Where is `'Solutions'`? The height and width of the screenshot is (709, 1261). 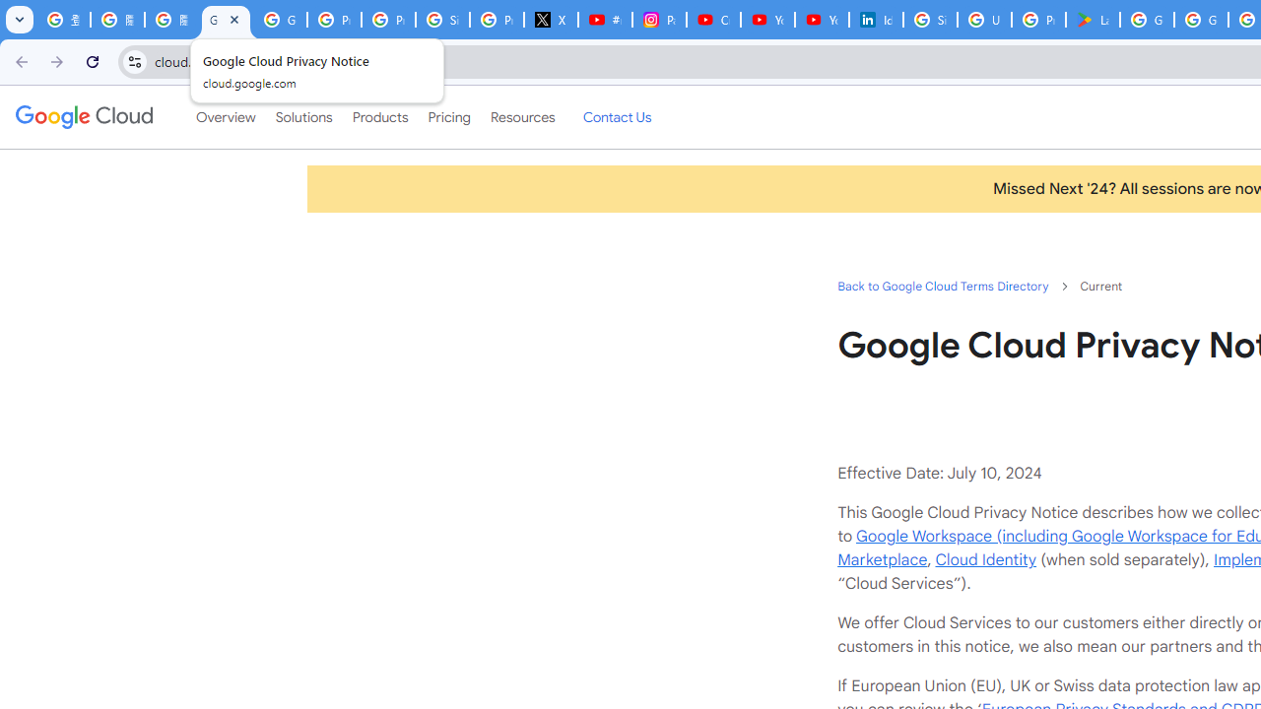
'Solutions' is located at coordinates (302, 117).